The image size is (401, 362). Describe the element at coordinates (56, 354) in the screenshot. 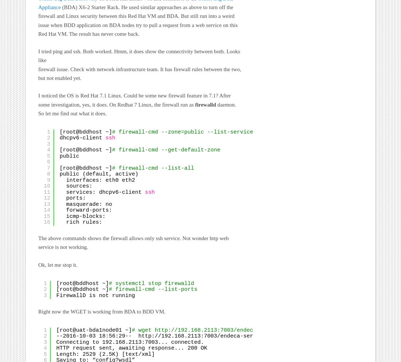

I see `'Length: 2529 (2.5K) [text'` at that location.